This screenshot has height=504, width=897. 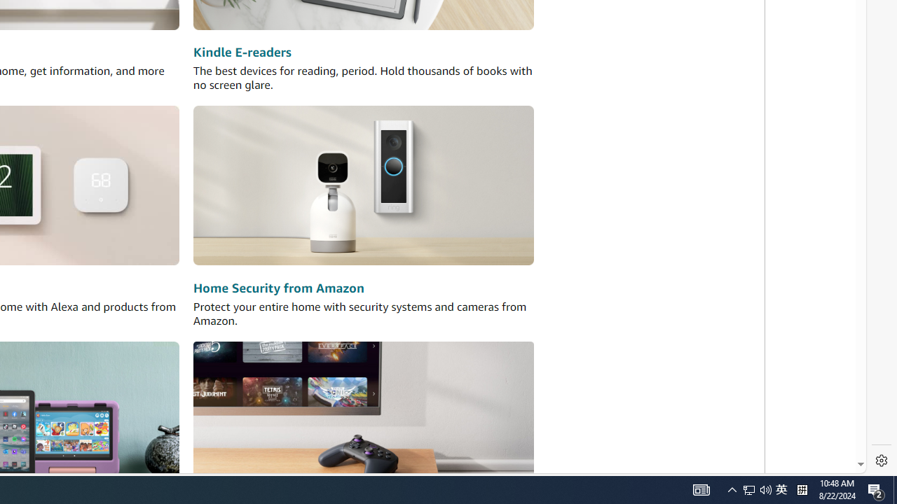 What do you see at coordinates (364, 185) in the screenshot?
I see `'Home Security devices'` at bounding box center [364, 185].